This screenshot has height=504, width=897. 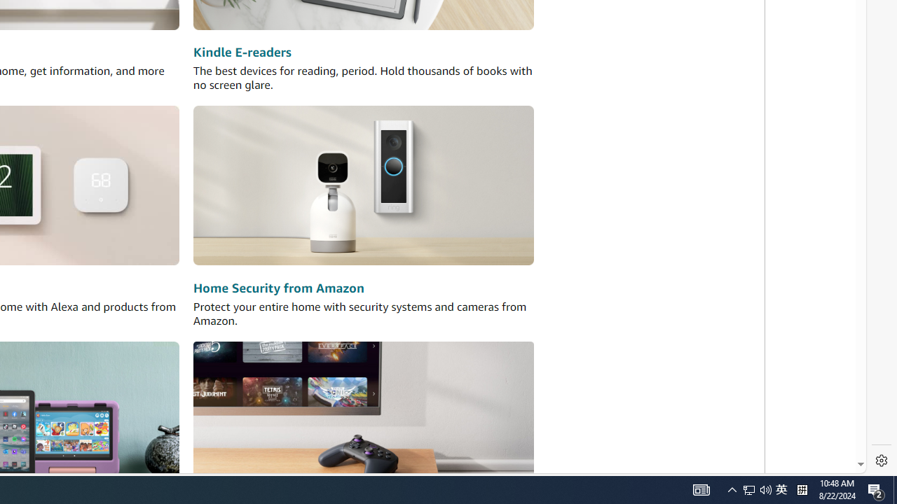 What do you see at coordinates (364, 185) in the screenshot?
I see `'Home Security devices'` at bounding box center [364, 185].